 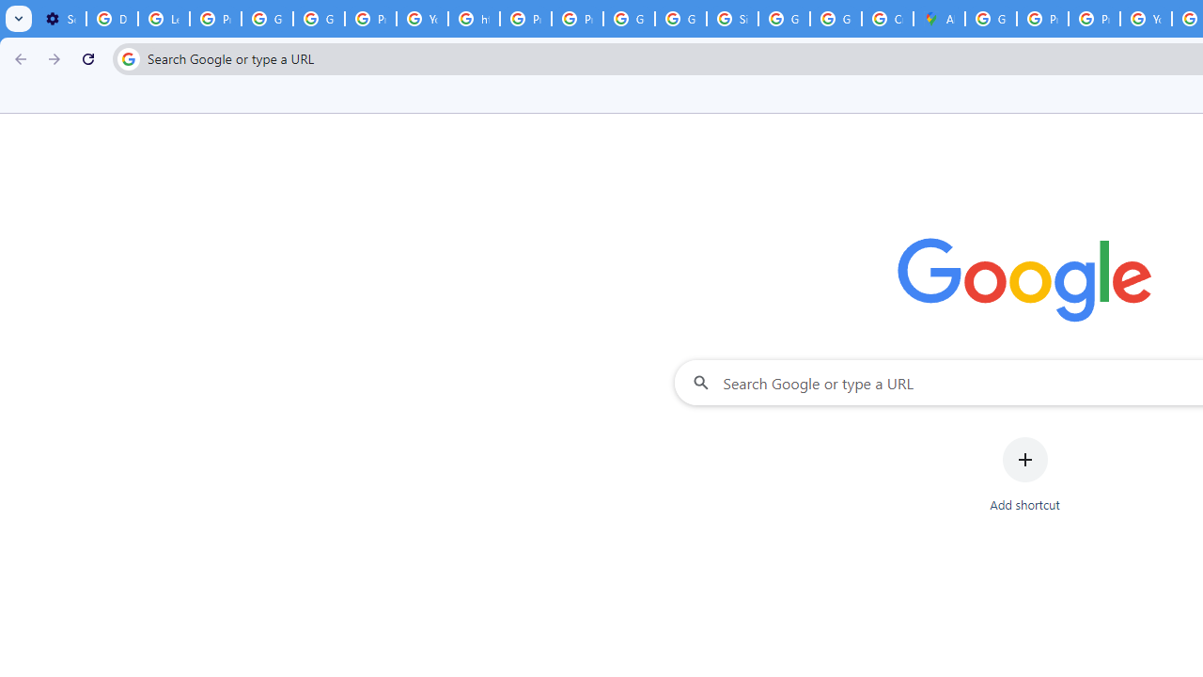 I want to click on 'Google Account Help', so click(x=266, y=19).